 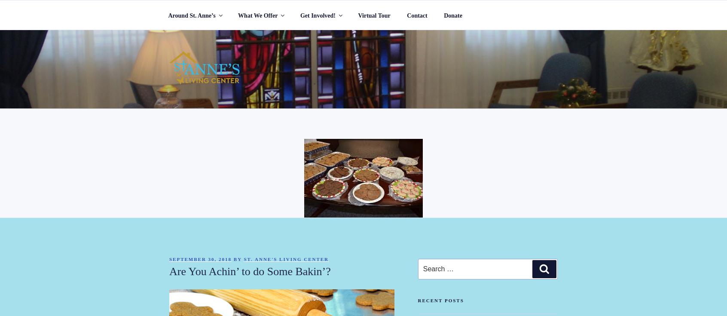 What do you see at coordinates (169, 259) in the screenshot?
I see `'September 30, 2018'` at bounding box center [169, 259].